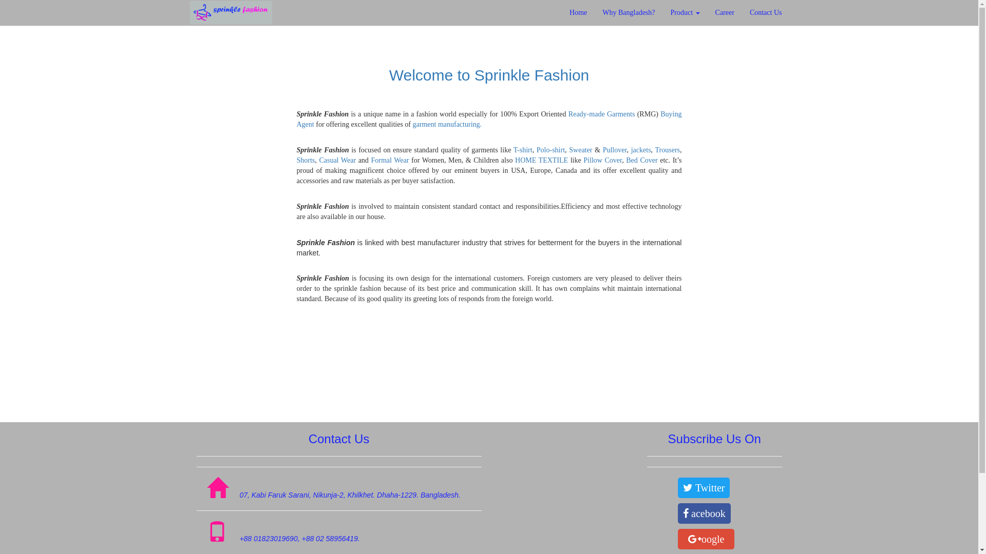 This screenshot has width=986, height=554. Describe the element at coordinates (641, 160) in the screenshot. I see `'Bed Cover'` at that location.